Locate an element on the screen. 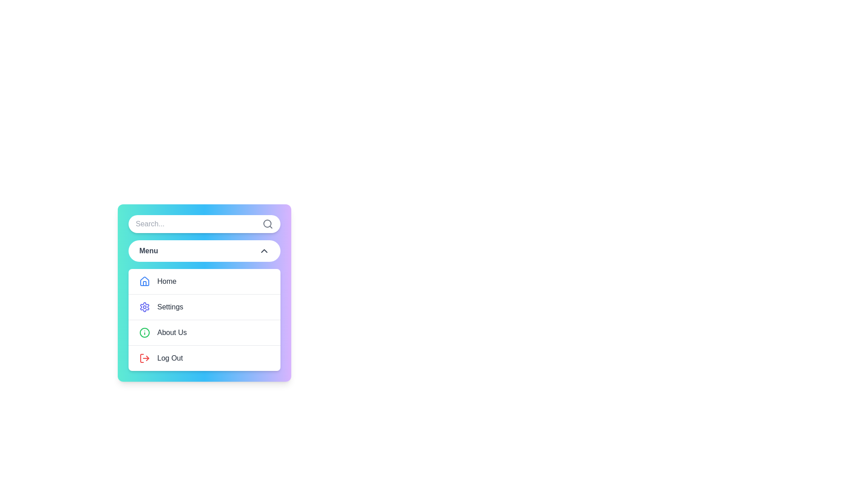  the upward-facing chevron arrow icon located to the center-right of the 'Menu' button to potentially display a tooltip is located at coordinates (264, 251).